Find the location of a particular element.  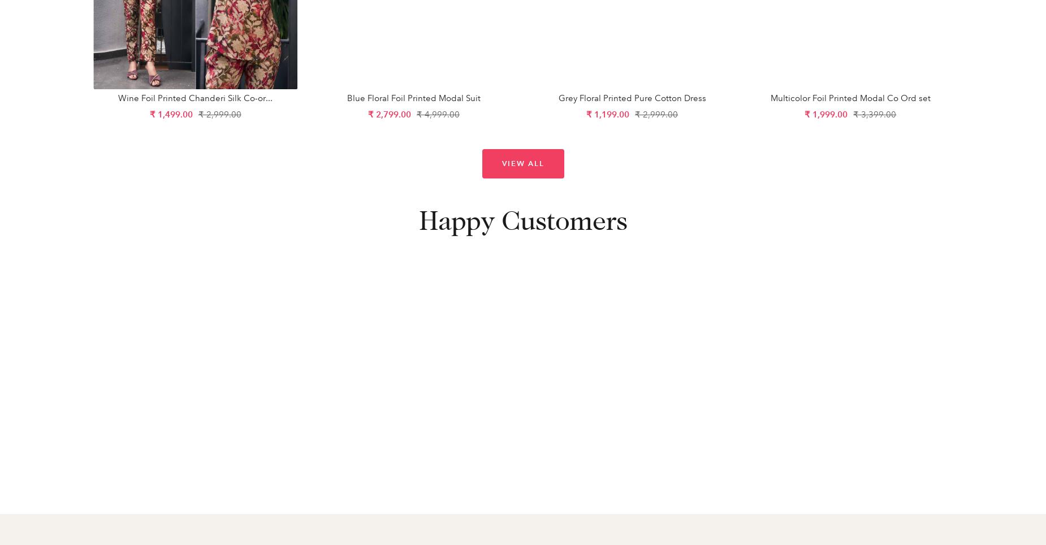

'₹ 1,999.00' is located at coordinates (825, 114).